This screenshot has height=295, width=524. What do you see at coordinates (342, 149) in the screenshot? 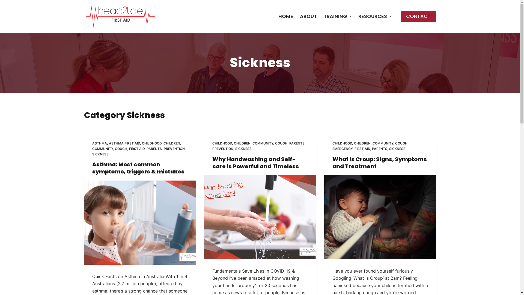
I see `'EMERGENCY'` at bounding box center [342, 149].